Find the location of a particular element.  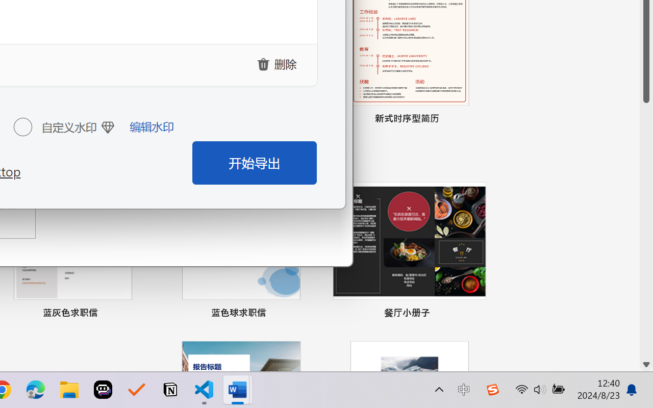

'Microsoft Edge' is located at coordinates (35, 390).